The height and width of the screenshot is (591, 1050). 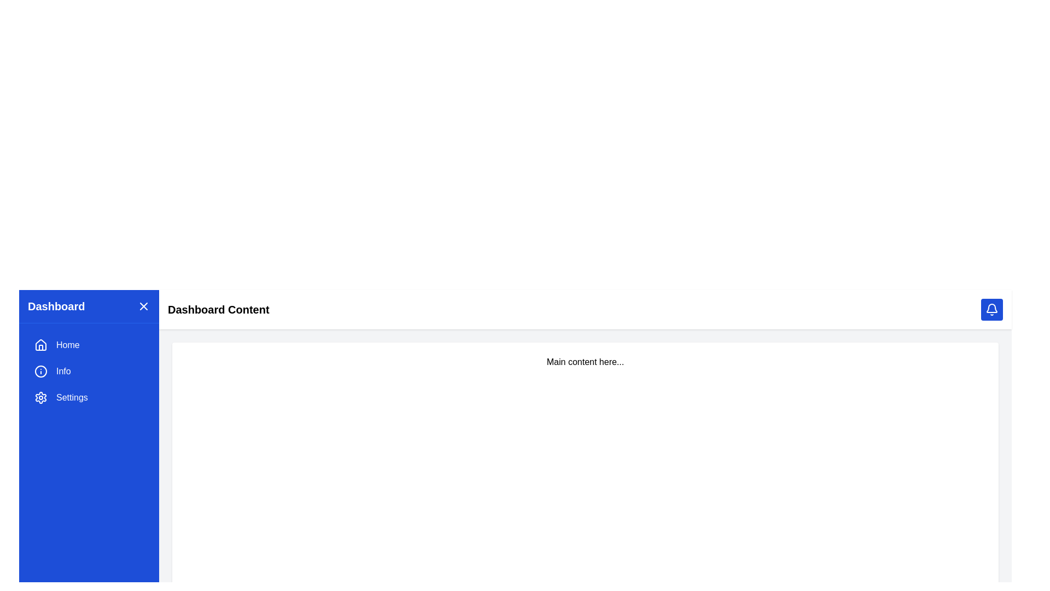 What do you see at coordinates (41, 344) in the screenshot?
I see `the house-shaped icon in the left navigation panel` at bounding box center [41, 344].